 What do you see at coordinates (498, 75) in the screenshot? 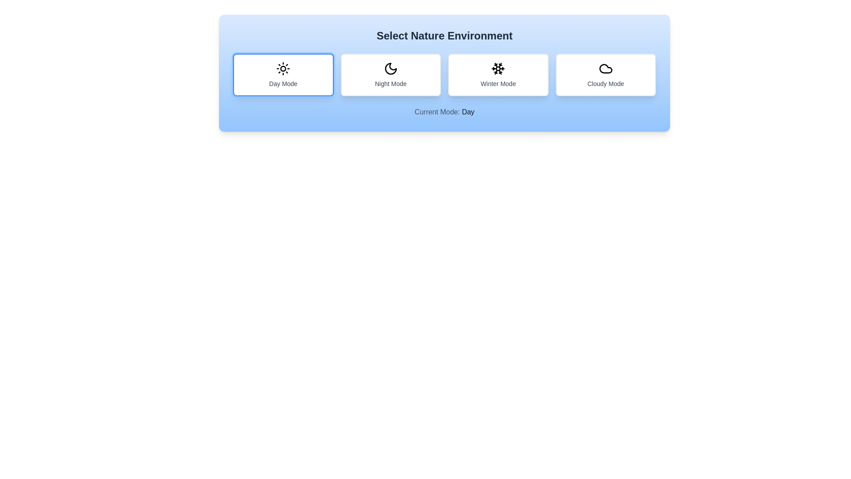
I see `the mode by clicking on the corresponding button for Winter Mode` at bounding box center [498, 75].